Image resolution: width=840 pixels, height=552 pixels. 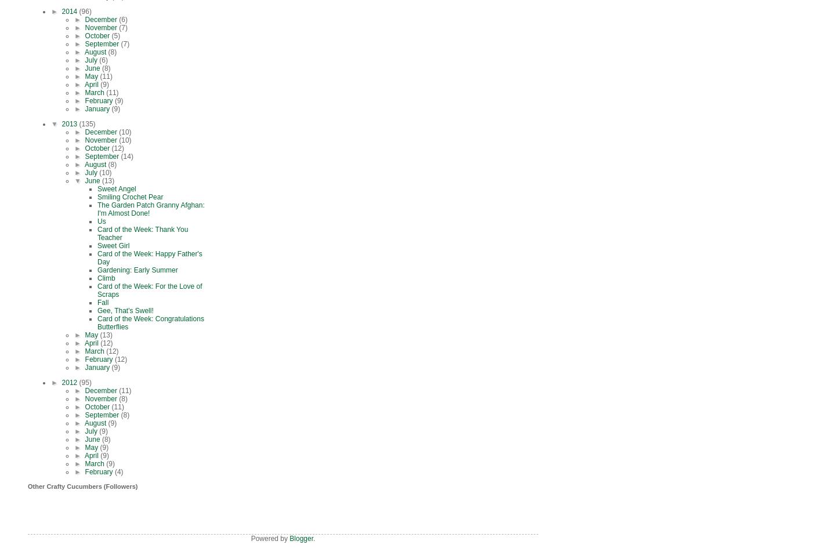 What do you see at coordinates (118, 471) in the screenshot?
I see `'(4)'` at bounding box center [118, 471].